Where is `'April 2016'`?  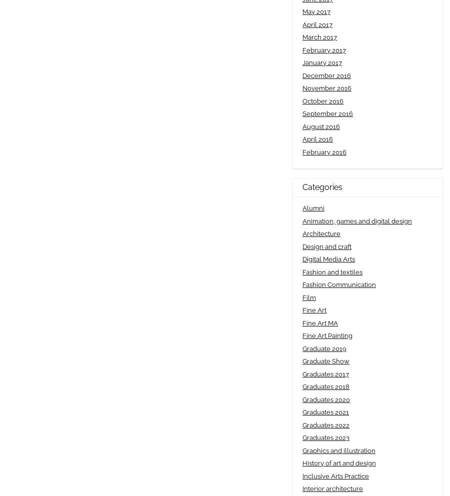
'April 2016' is located at coordinates (302, 138).